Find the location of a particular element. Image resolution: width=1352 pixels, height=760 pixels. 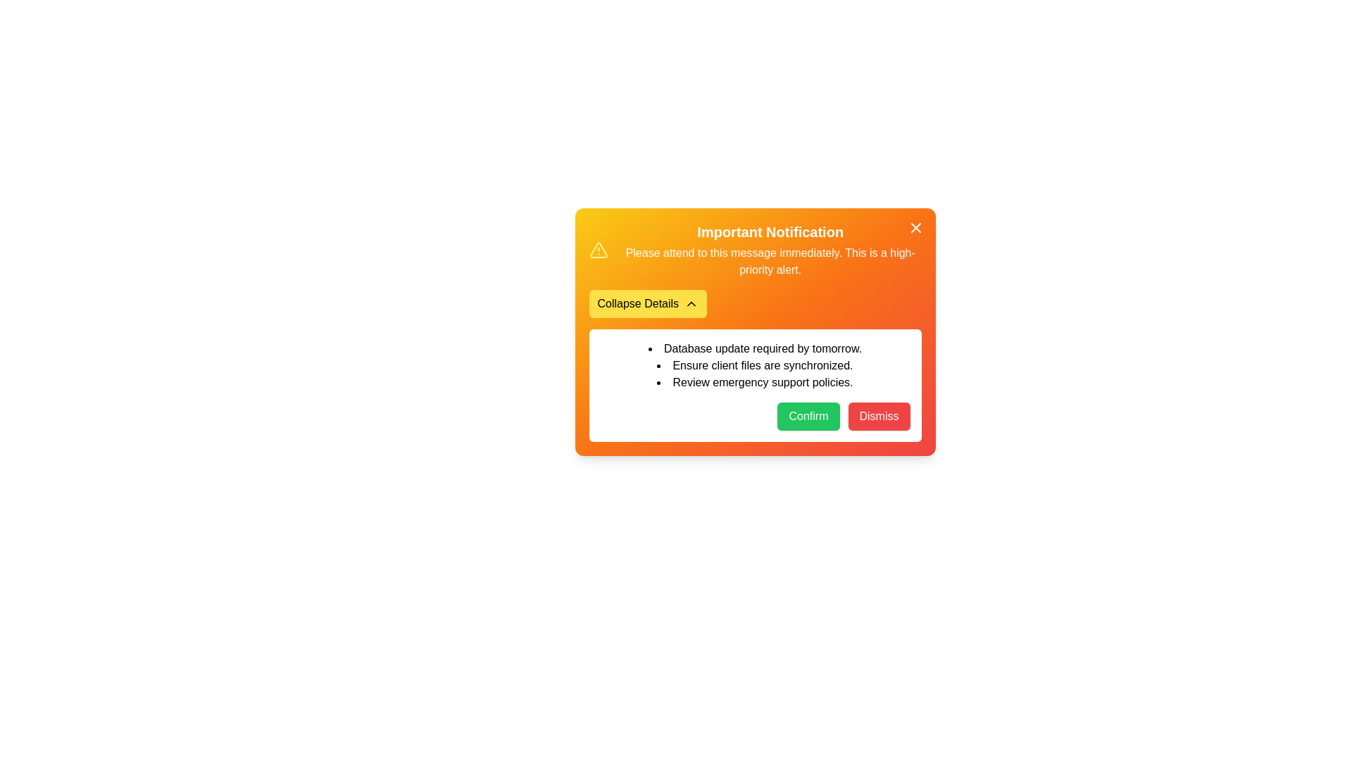

close button to toggle the visibility of the notification panel is located at coordinates (915, 227).